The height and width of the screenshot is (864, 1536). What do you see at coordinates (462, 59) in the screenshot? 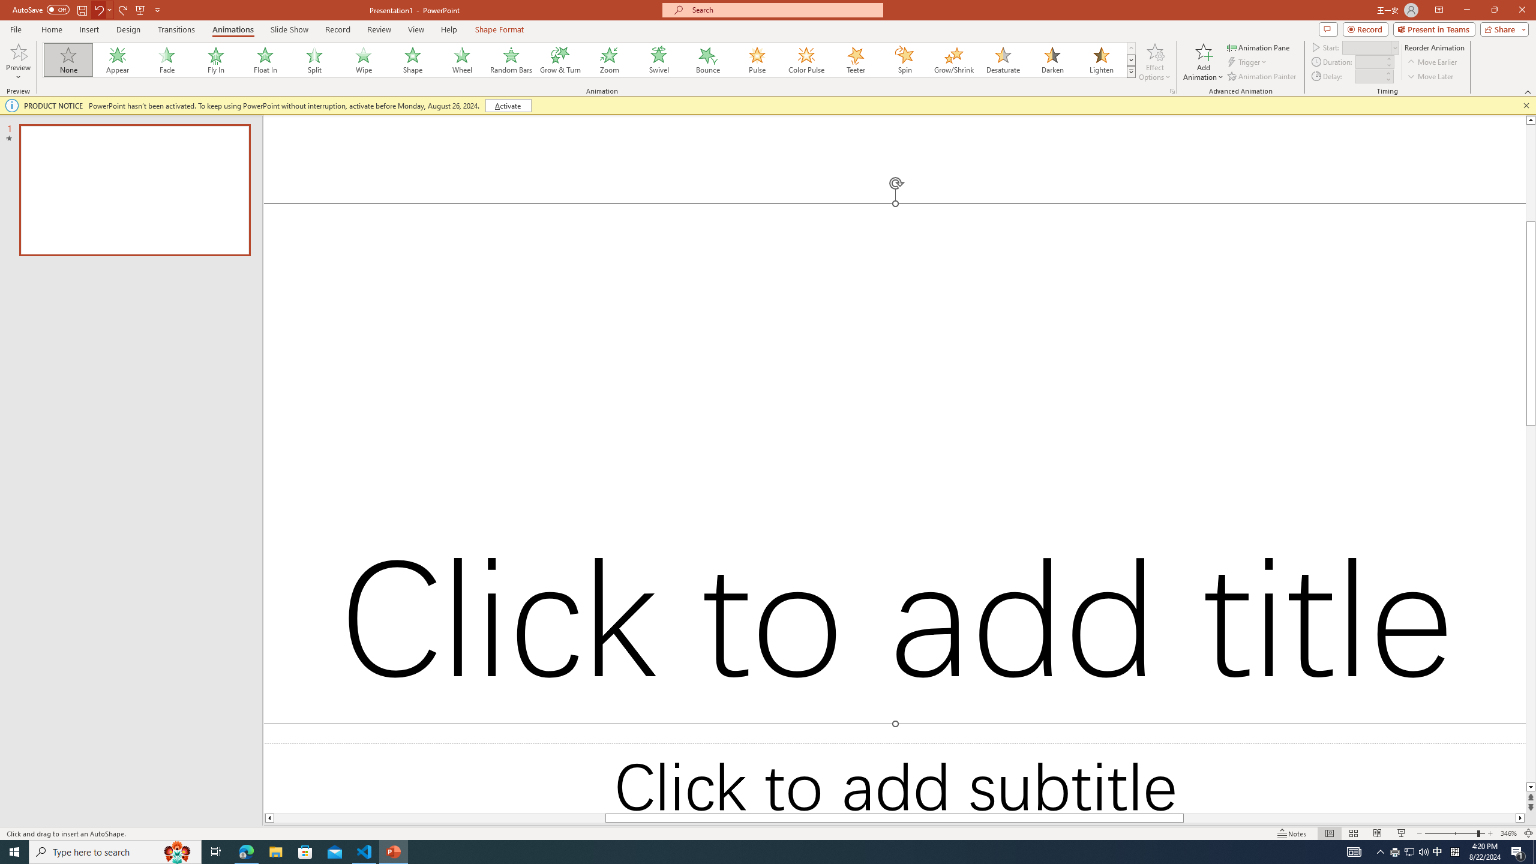
I see `'Wheel'` at bounding box center [462, 59].